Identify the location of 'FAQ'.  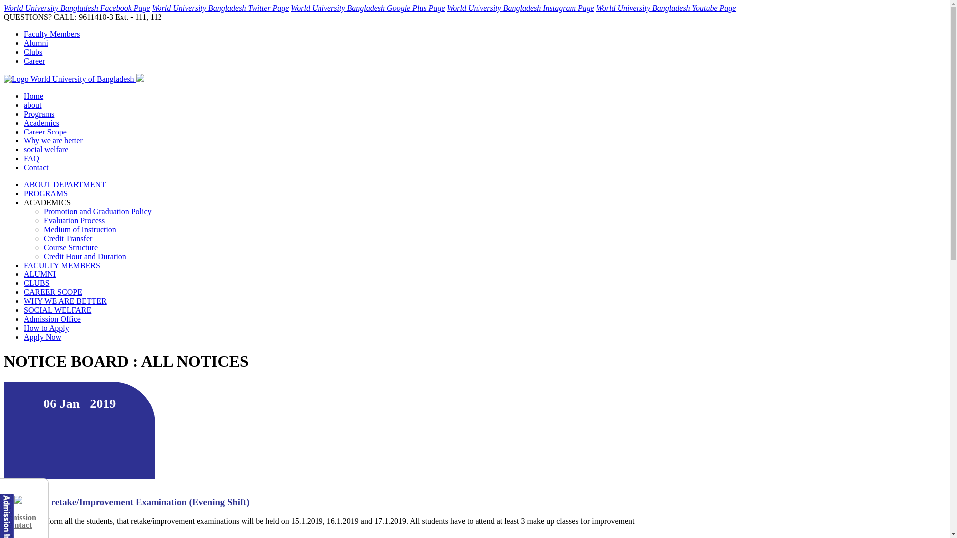
(31, 158).